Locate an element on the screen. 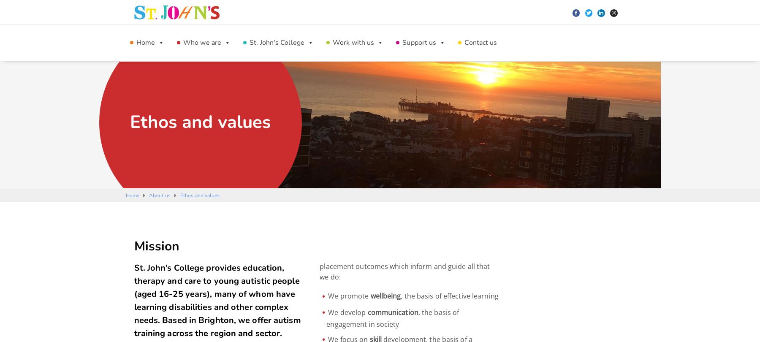 The image size is (760, 342). 'Our College Governors' is located at coordinates (443, 176).